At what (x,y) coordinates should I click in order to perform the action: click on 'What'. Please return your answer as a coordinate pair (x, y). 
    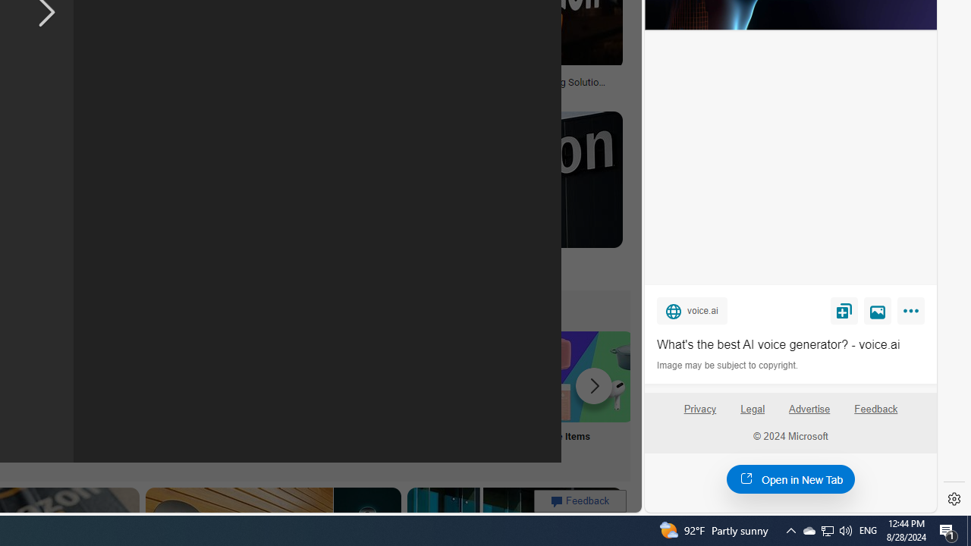
    Looking at the image, I should click on (790, 345).